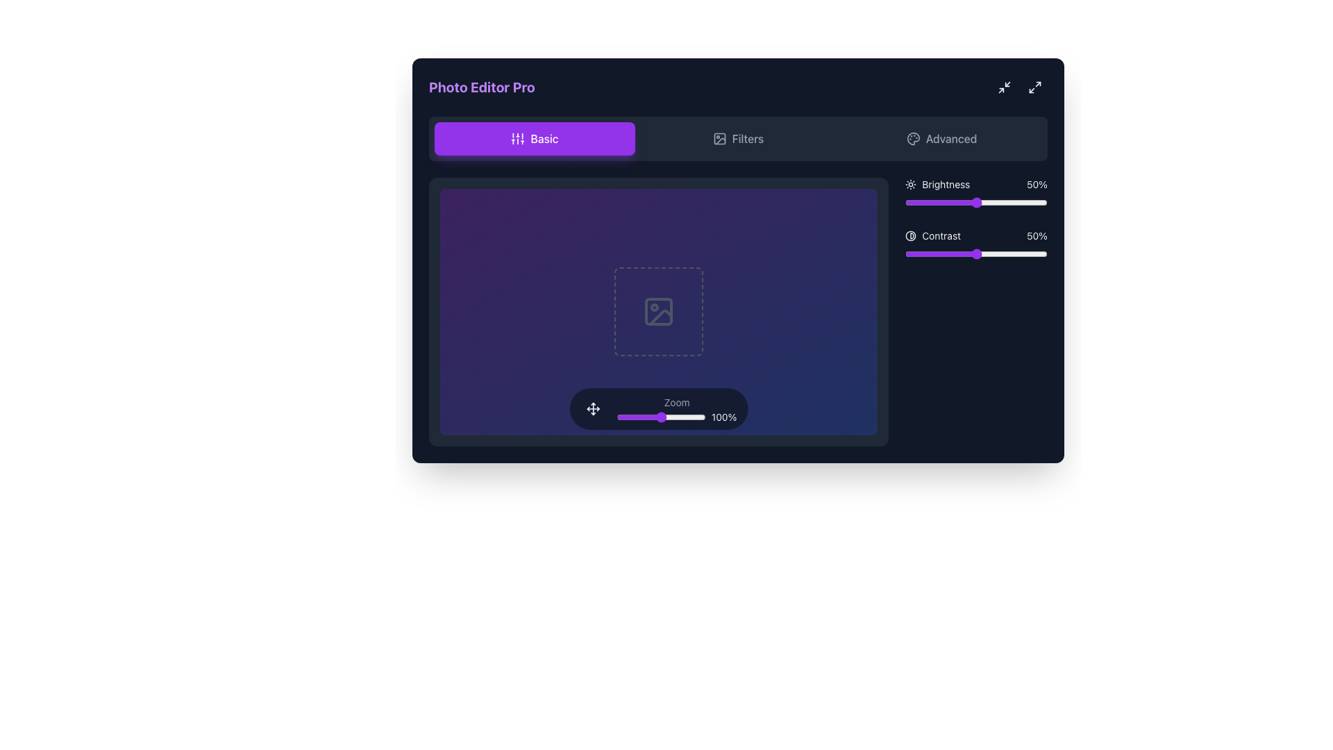 This screenshot has width=1333, height=750. I want to click on the zoom level, so click(633, 416).